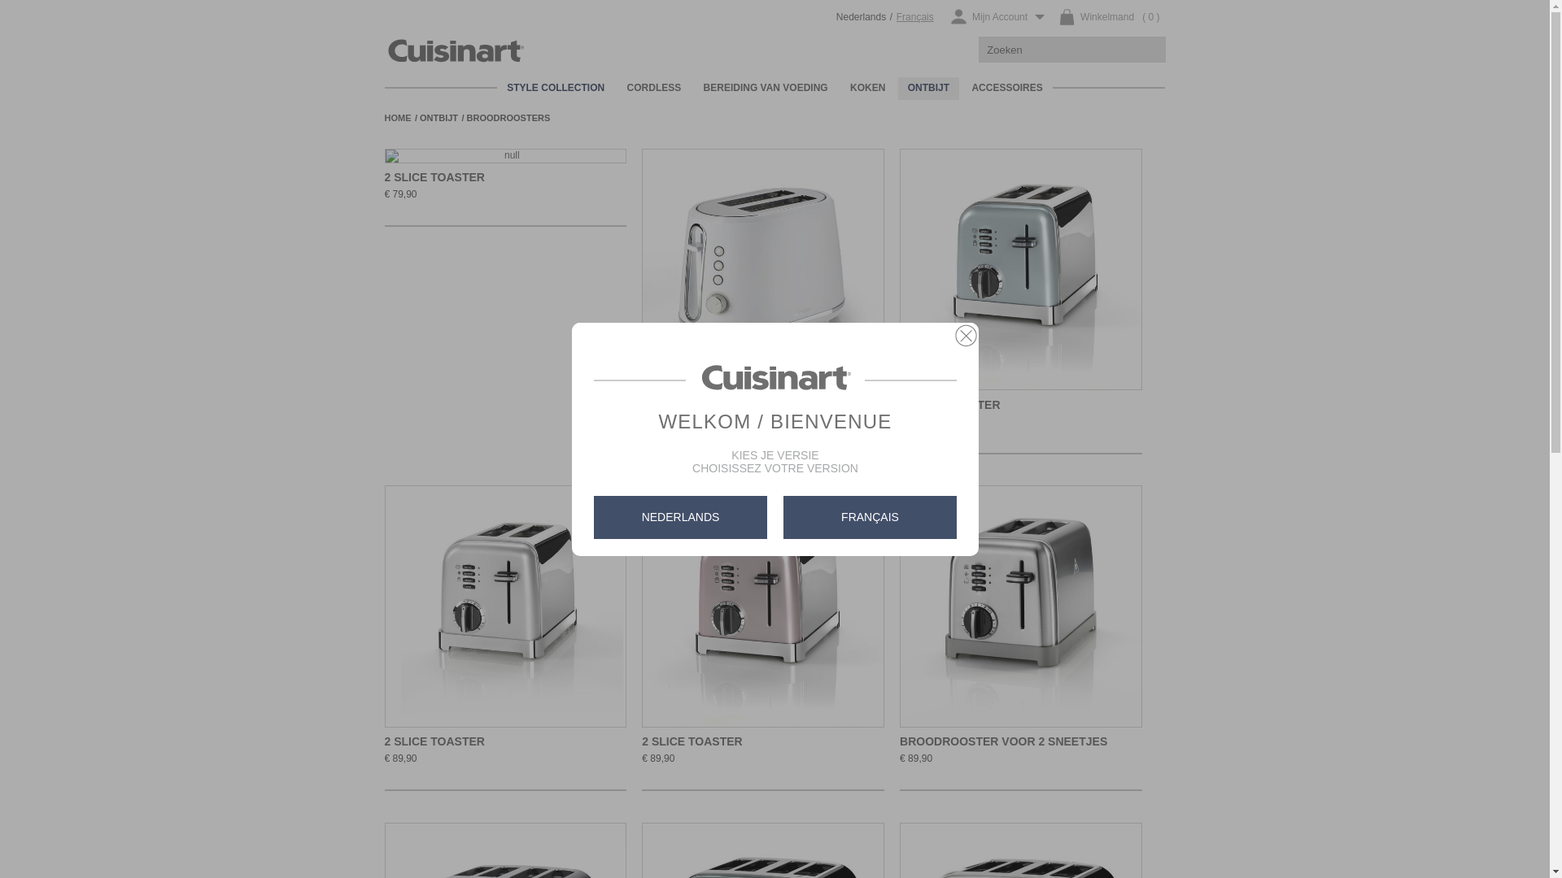  What do you see at coordinates (840, 88) in the screenshot?
I see `'KOKEN'` at bounding box center [840, 88].